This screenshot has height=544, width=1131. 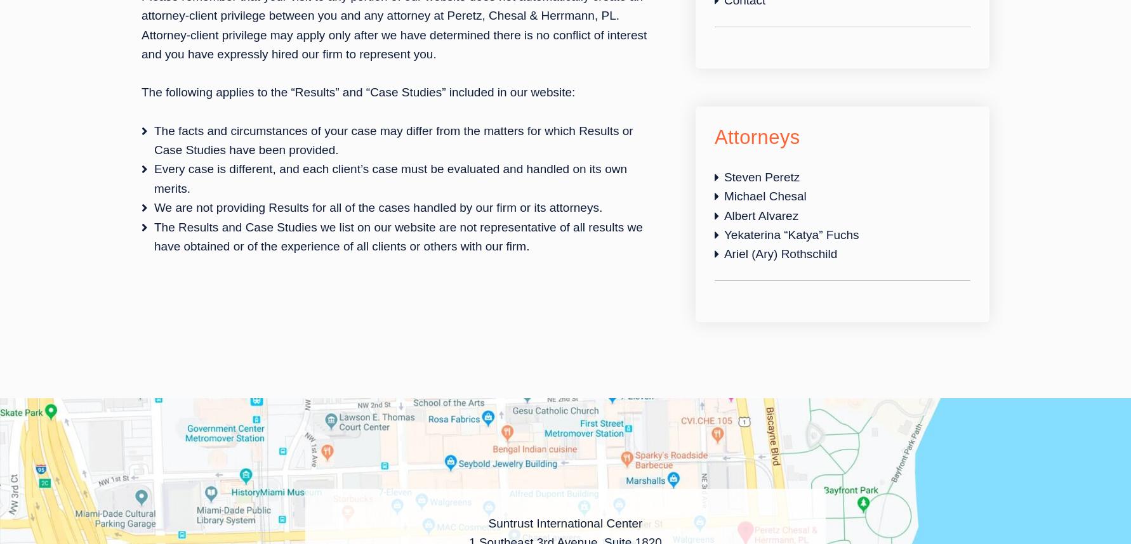 I want to click on 'We are not providing Results for all of the cases handled by our firm or its attorneys.', so click(x=378, y=207).